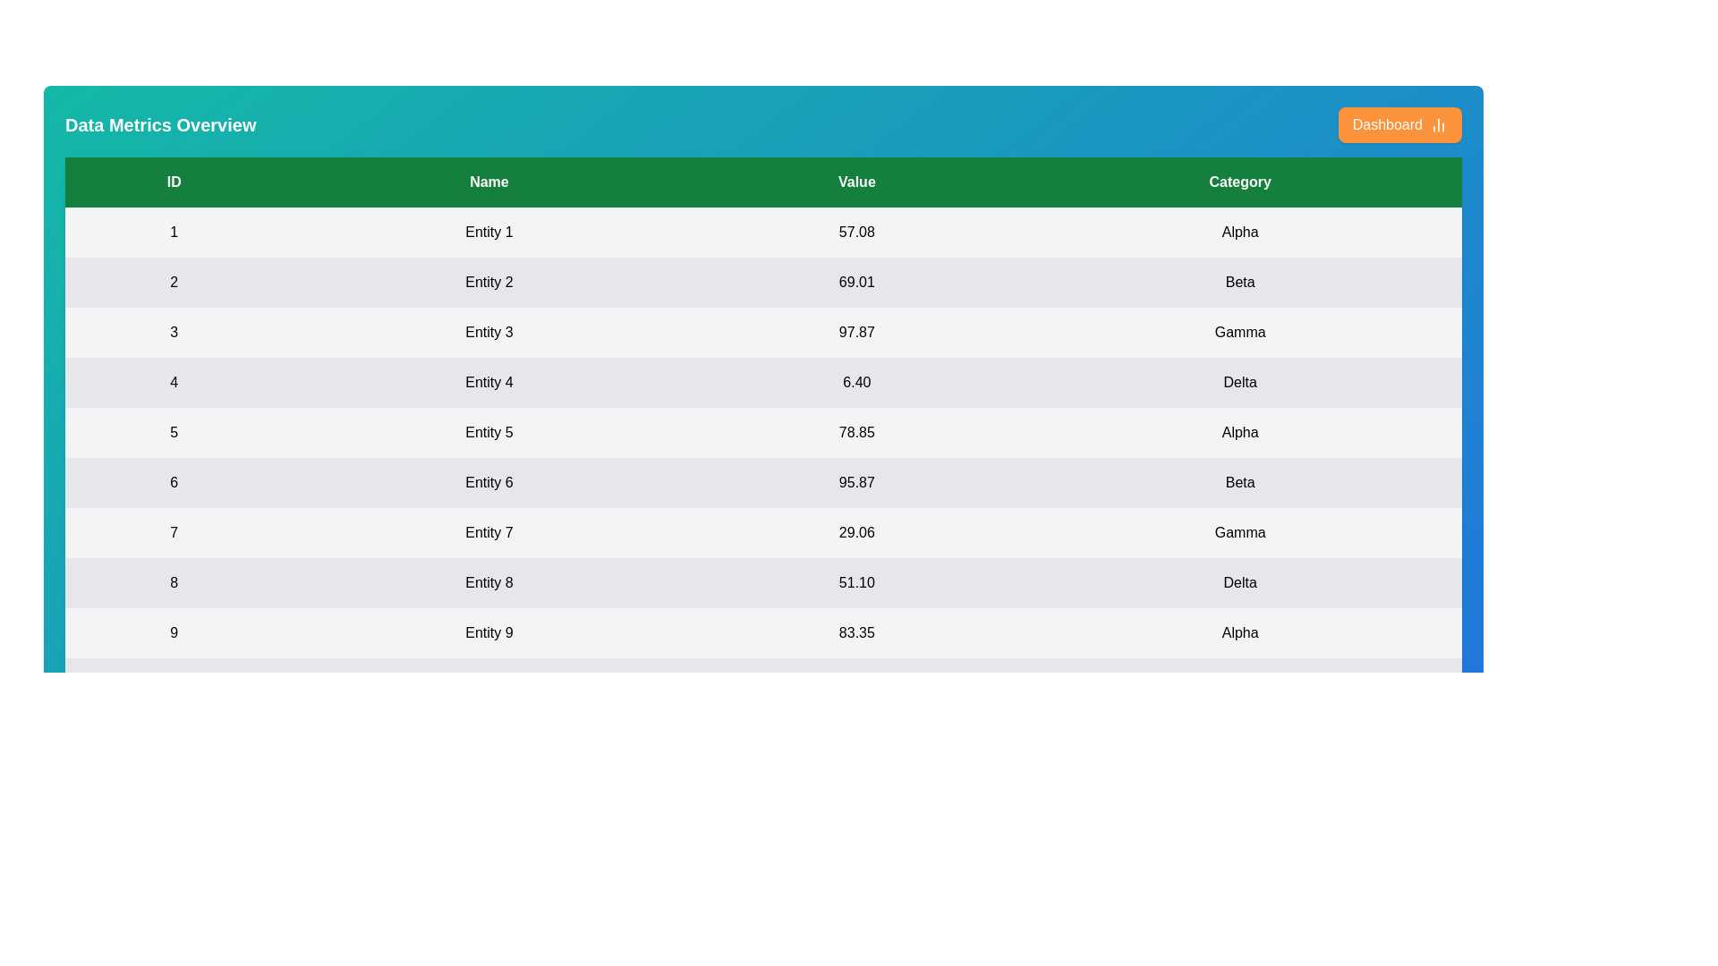 The width and height of the screenshot is (1718, 966). Describe the element at coordinates (763, 632) in the screenshot. I see `the row corresponding to 9` at that location.